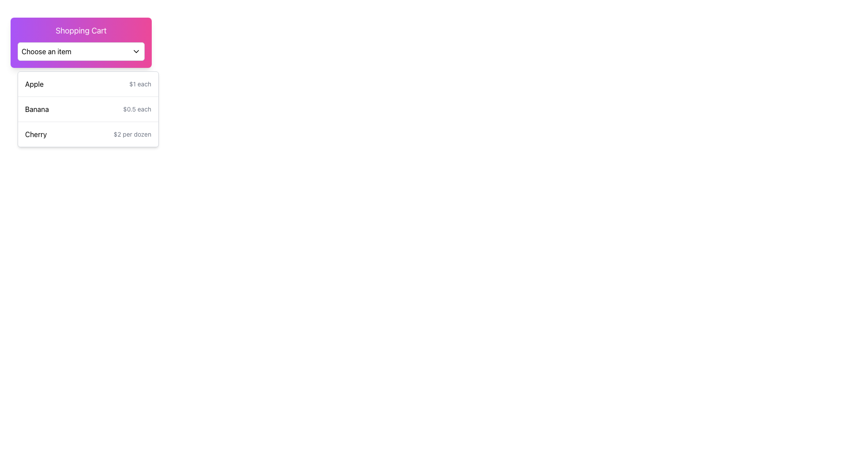 The width and height of the screenshot is (847, 476). I want to click on the 'Choose an item' dropdown menu under the 'Shopping Cart' header to select an item, so click(81, 42).